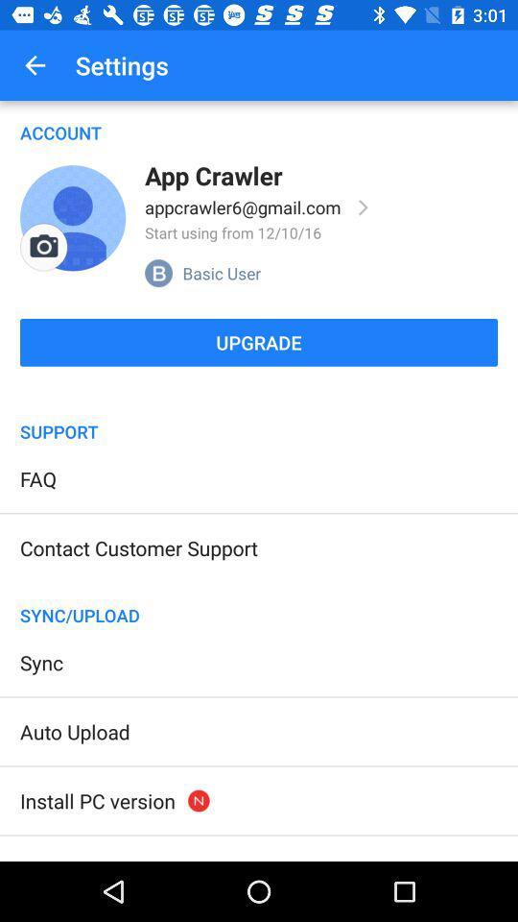 Image resolution: width=518 pixels, height=922 pixels. I want to click on the icon above the support, so click(259, 394).